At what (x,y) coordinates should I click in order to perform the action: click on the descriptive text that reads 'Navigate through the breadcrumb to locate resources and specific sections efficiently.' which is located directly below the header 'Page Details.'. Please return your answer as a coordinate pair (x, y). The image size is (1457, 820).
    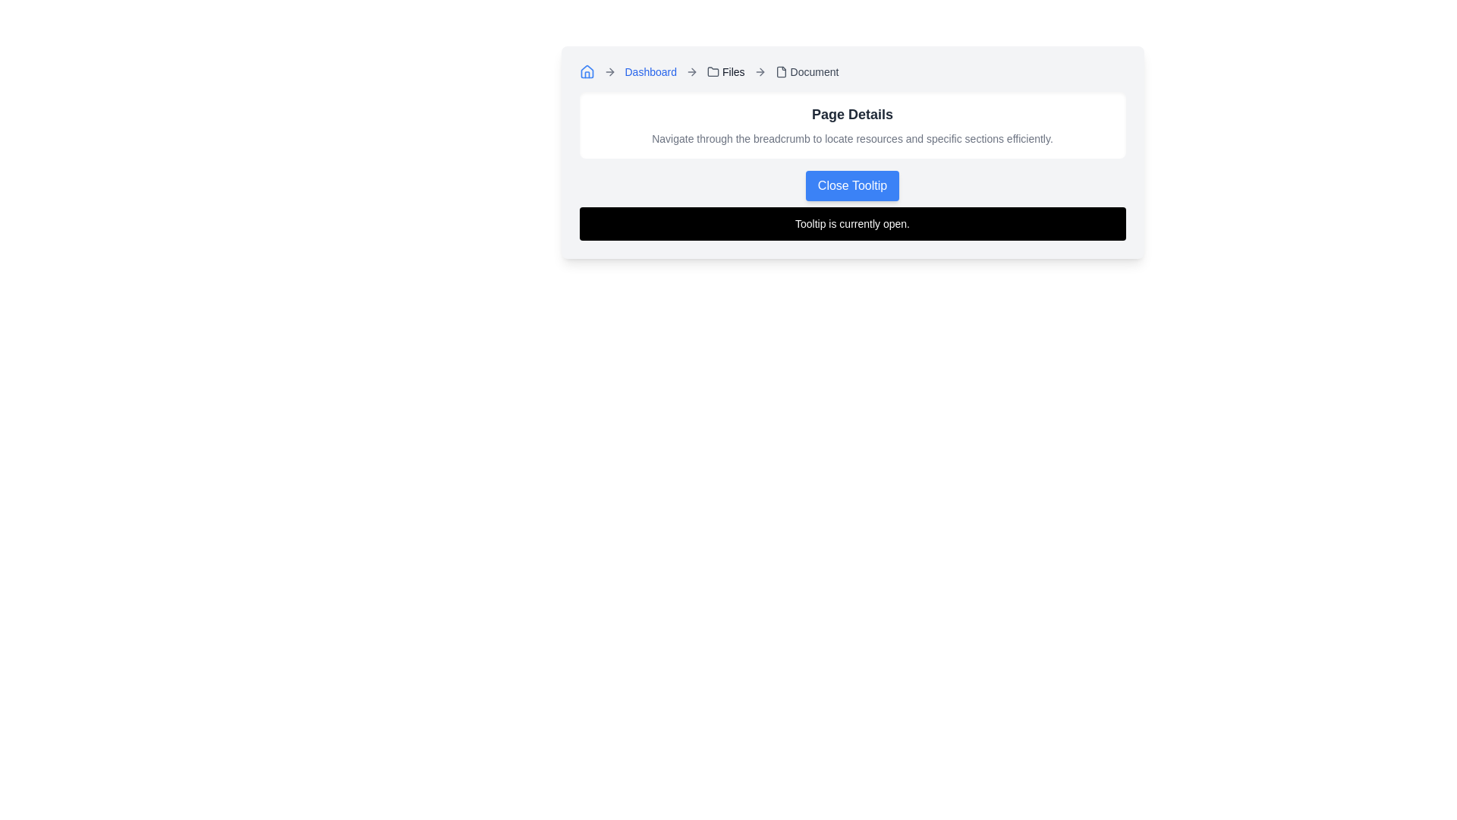
    Looking at the image, I should click on (852, 138).